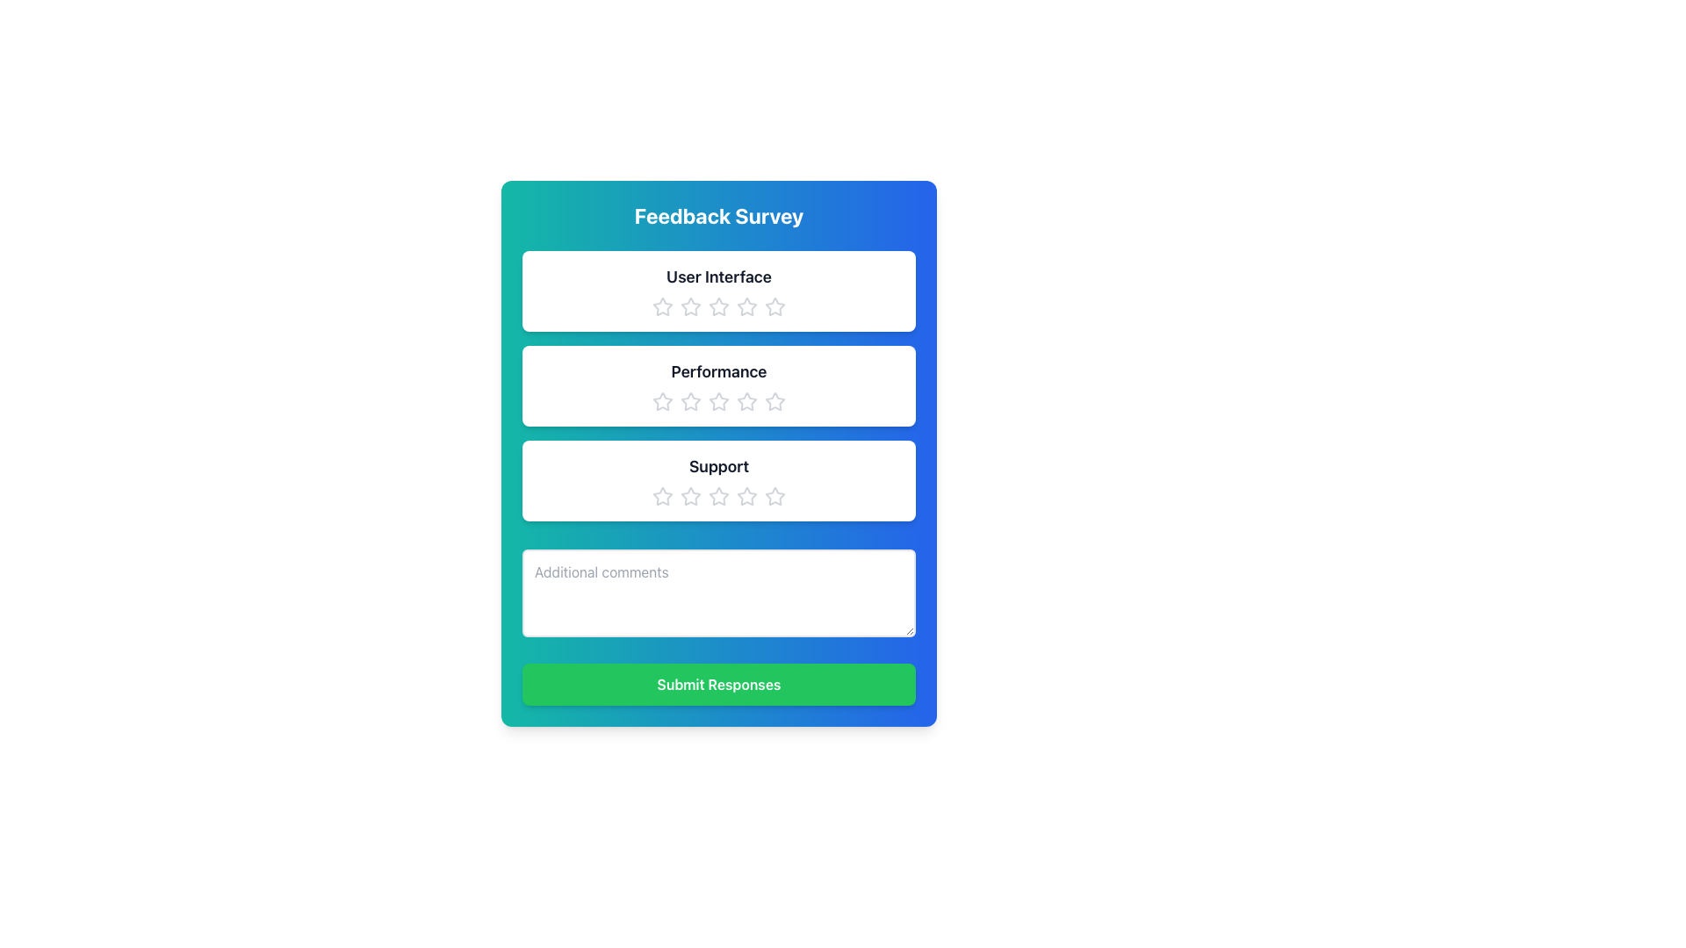 This screenshot has height=948, width=1686. What do you see at coordinates (775, 306) in the screenshot?
I see `the fifth rating star icon, which is a light gray outlined star` at bounding box center [775, 306].